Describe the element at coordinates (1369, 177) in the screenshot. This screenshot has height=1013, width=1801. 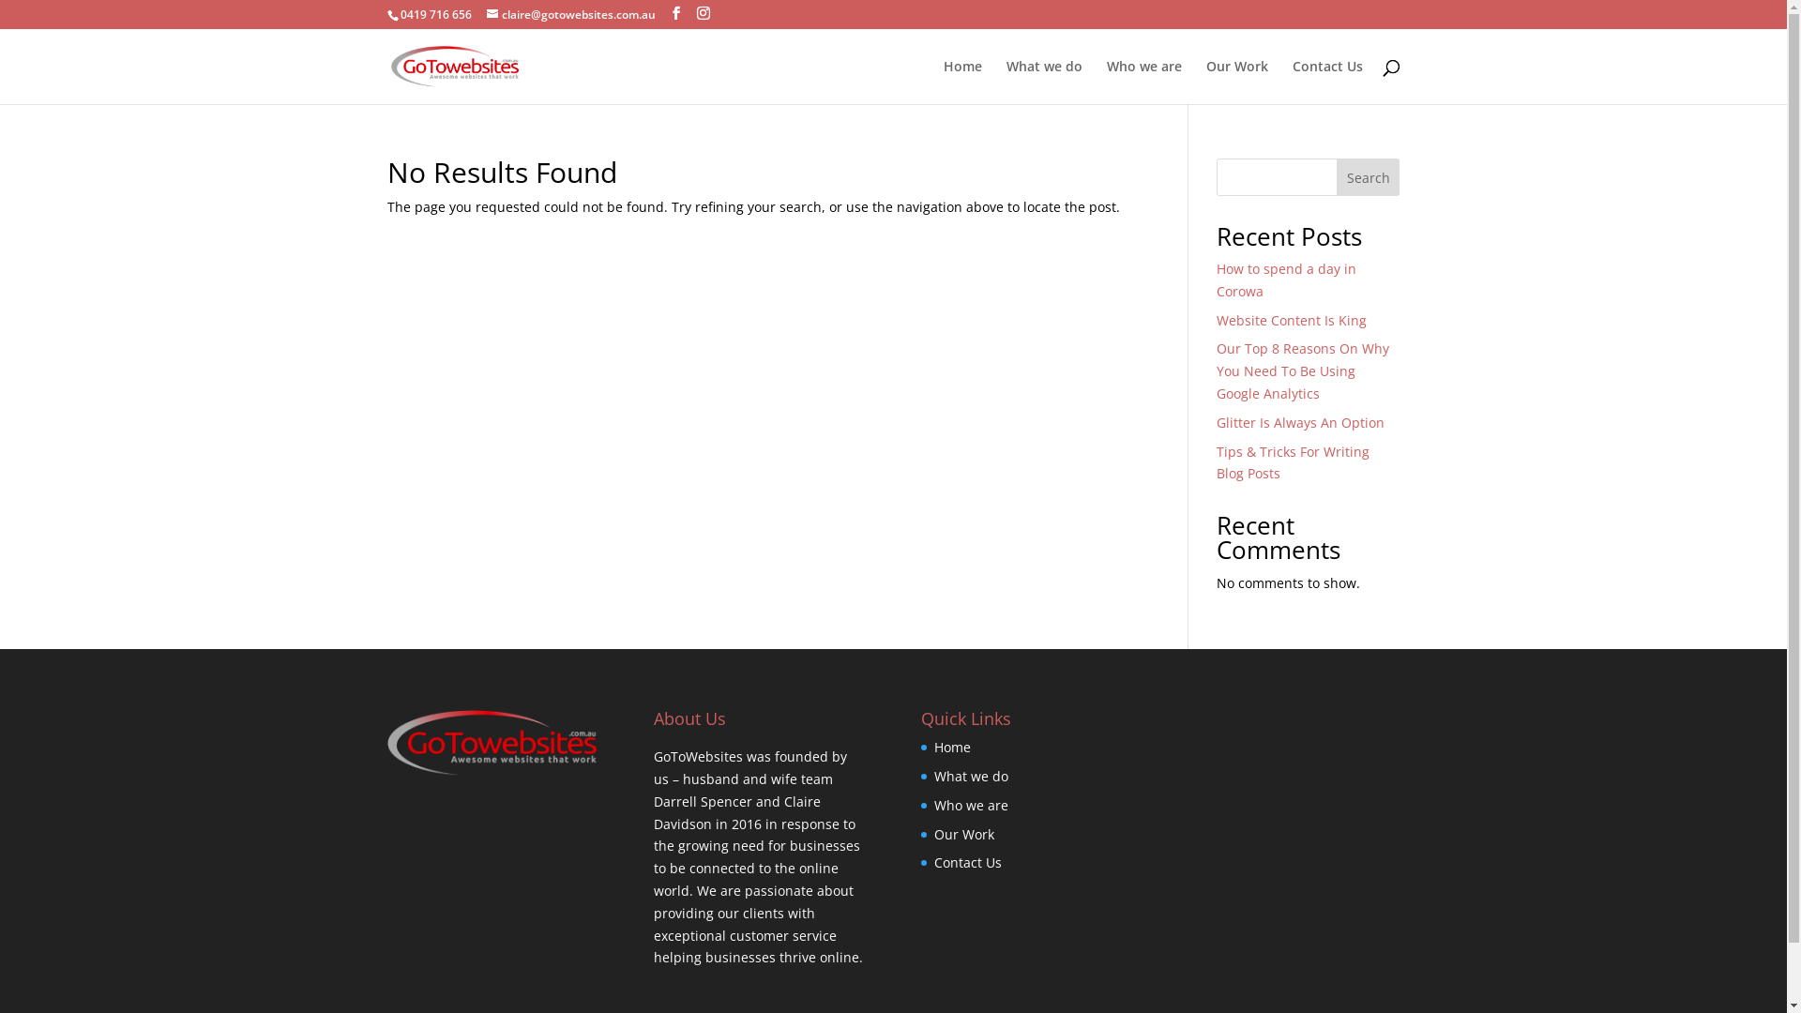
I see `'Search'` at that location.